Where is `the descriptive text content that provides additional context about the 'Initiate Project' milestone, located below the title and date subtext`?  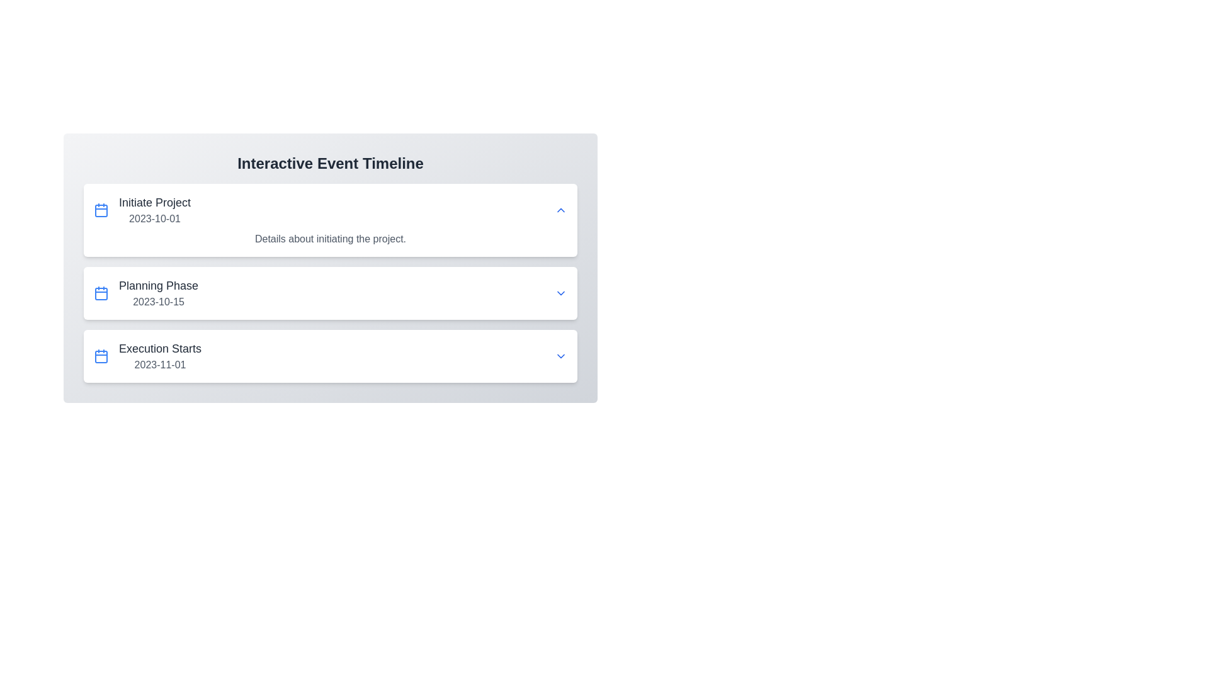
the descriptive text content that provides additional context about the 'Initiate Project' milestone, located below the title and date subtext is located at coordinates (330, 236).